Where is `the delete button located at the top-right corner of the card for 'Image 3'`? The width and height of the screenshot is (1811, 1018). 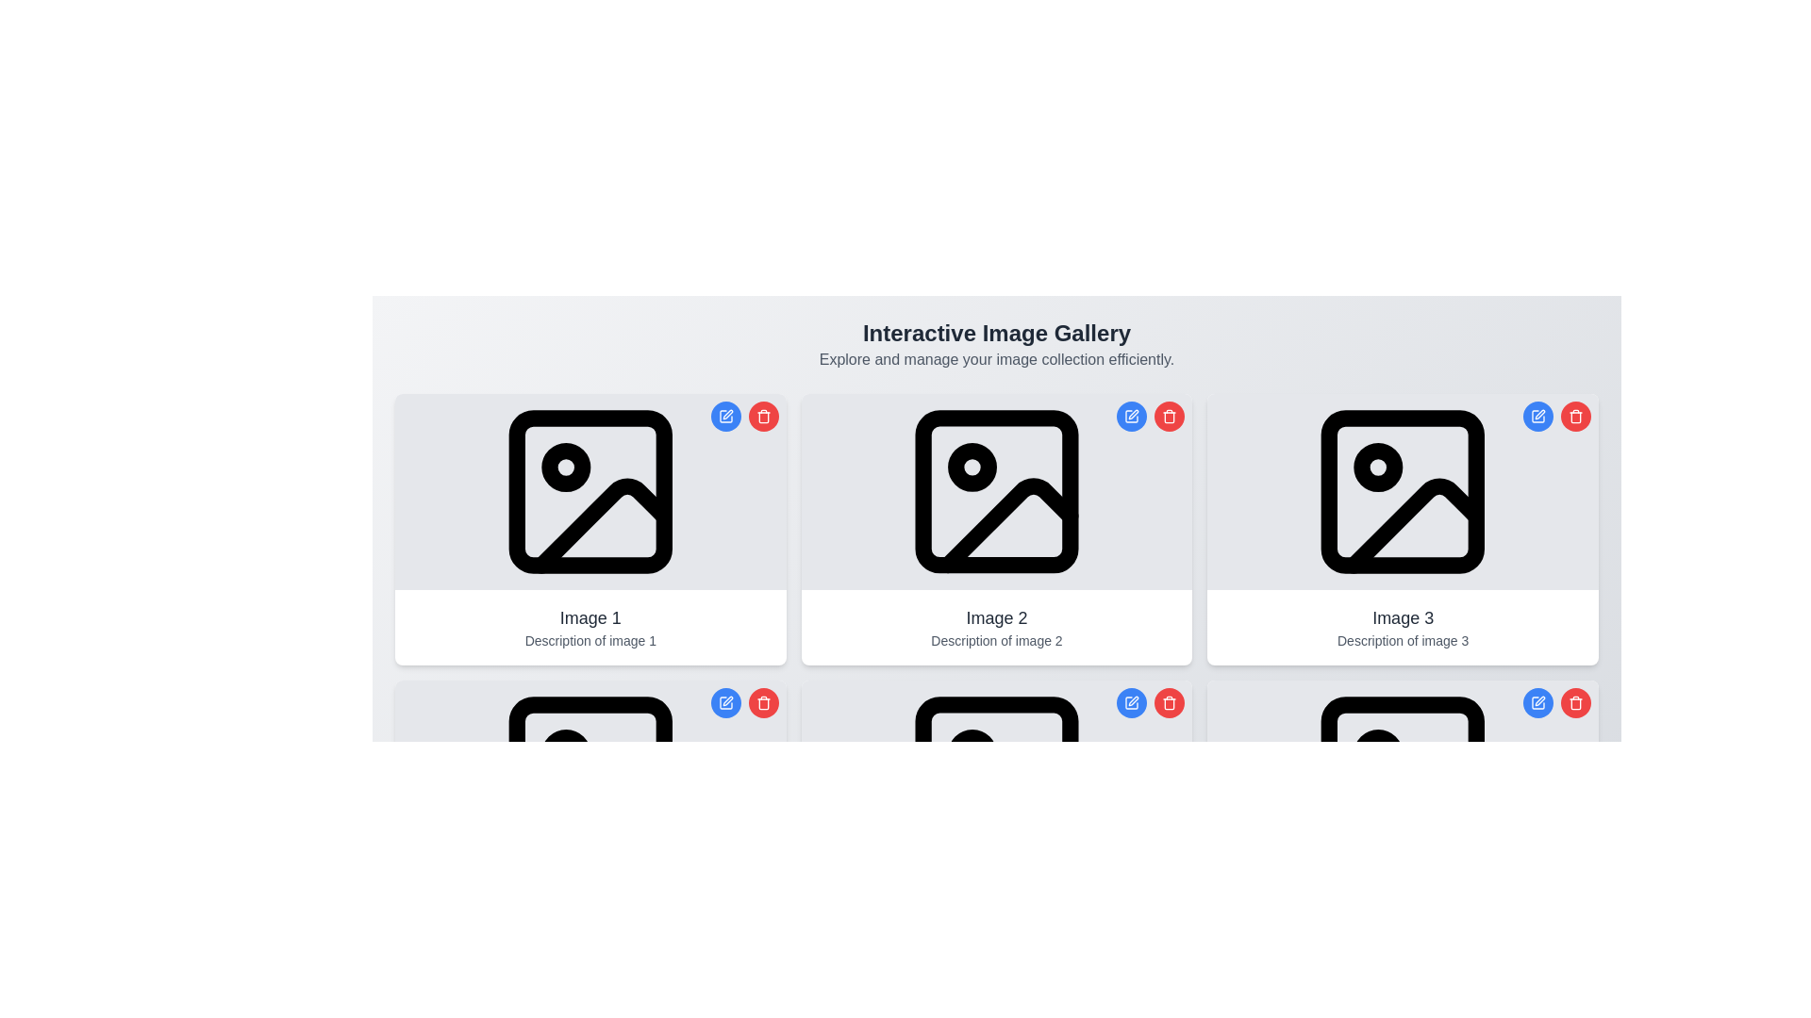
the delete button located at the top-right corner of the card for 'Image 3' is located at coordinates (1575, 416).